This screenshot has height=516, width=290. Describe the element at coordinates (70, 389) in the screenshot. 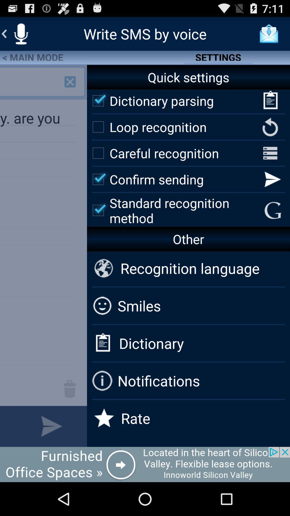

I see `send to trash` at that location.